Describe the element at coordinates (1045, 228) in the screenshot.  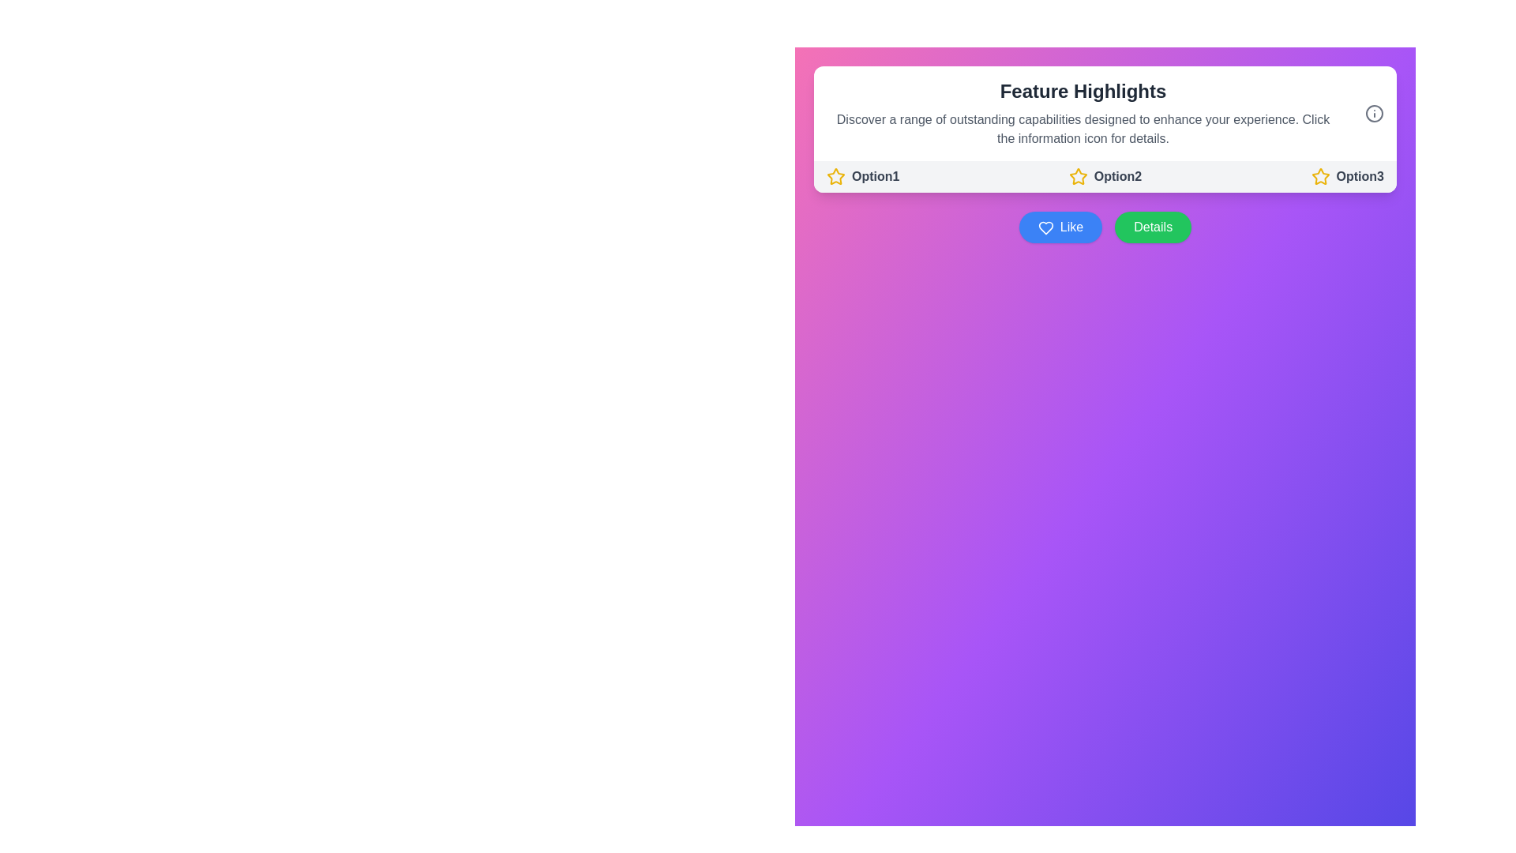
I see `the heart-shaped icon that is filled with color and styled with rounded edges, which is centered within the blue circular button labeled 'Like'` at that location.